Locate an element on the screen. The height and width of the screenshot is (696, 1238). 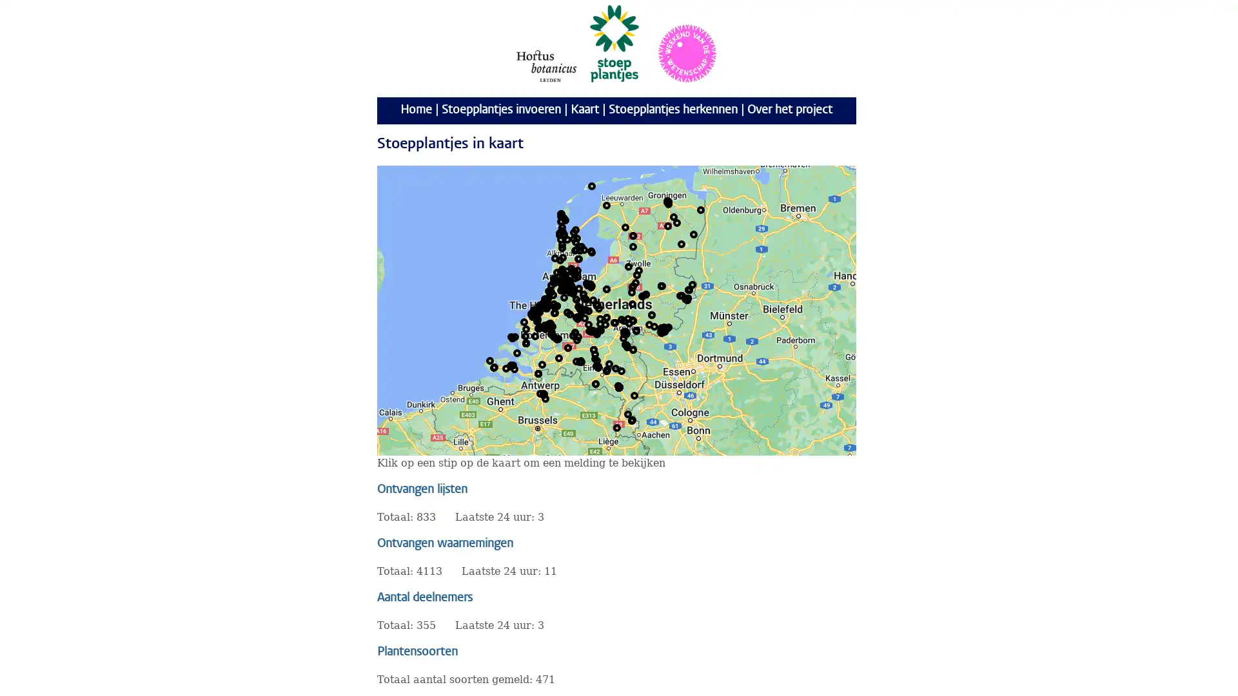
Telling van op 16 januari 2022 is located at coordinates (566, 280).